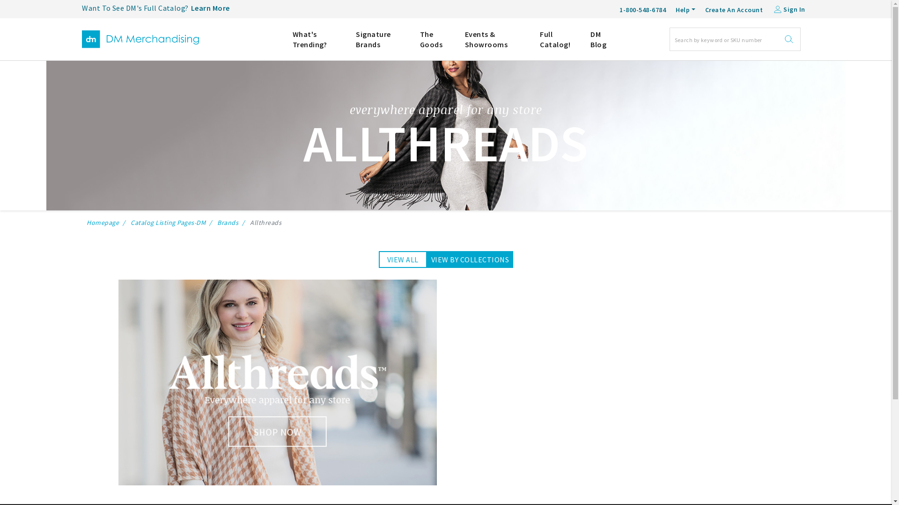 The height and width of the screenshot is (505, 899). What do you see at coordinates (210, 8) in the screenshot?
I see `'Learn More'` at bounding box center [210, 8].